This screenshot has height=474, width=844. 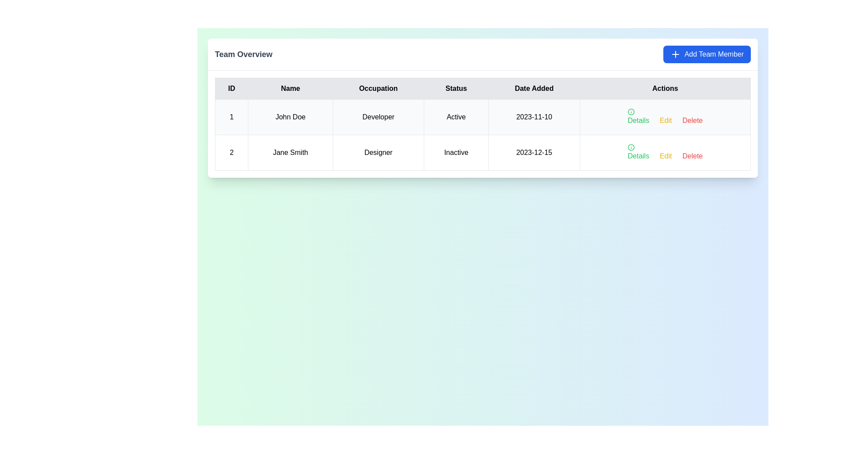 What do you see at coordinates (666, 120) in the screenshot?
I see `the edit button in the 'Actions' column of the second row in the table for 'Jane Smith' to observe a color change` at bounding box center [666, 120].